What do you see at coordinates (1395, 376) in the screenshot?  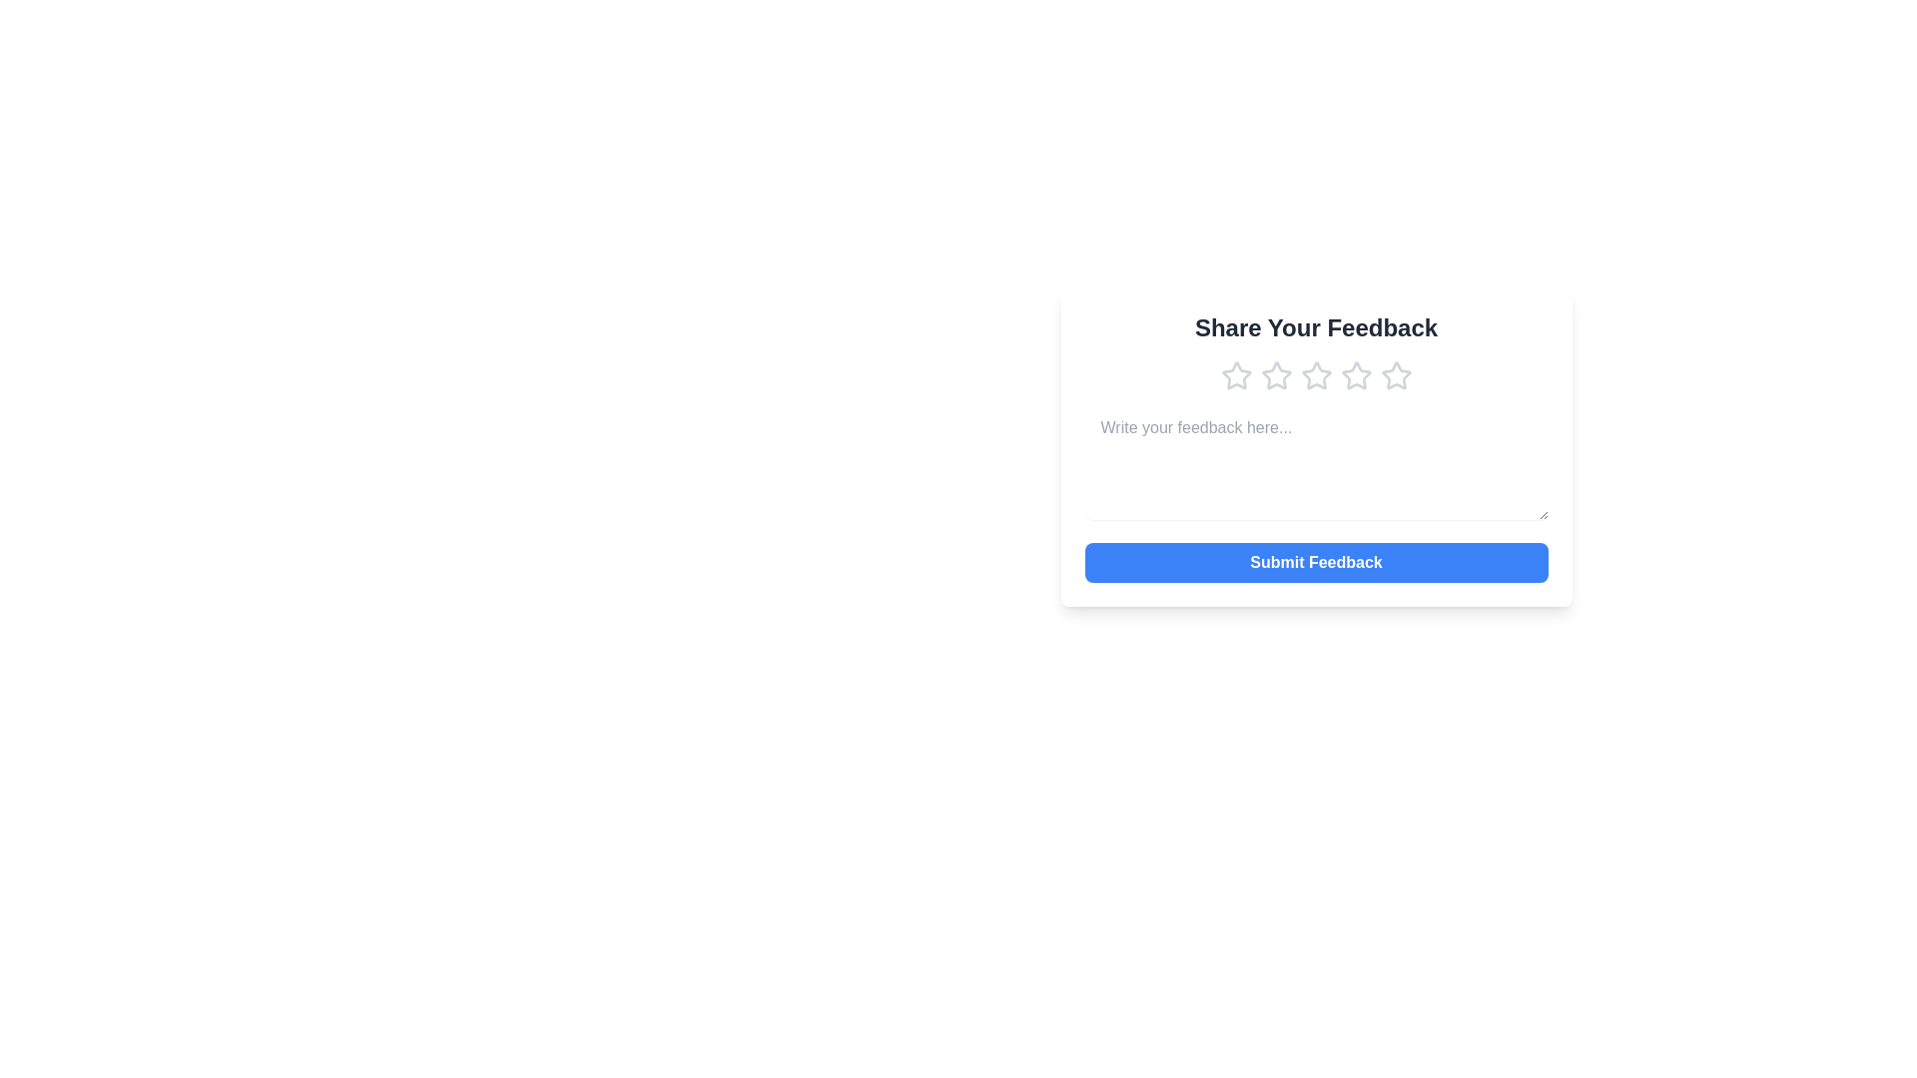 I see `the 'Rate 5 stars' button, which is the fifth star from the left in a horizontal arrangement below the text 'Share Your Feedback'` at bounding box center [1395, 376].